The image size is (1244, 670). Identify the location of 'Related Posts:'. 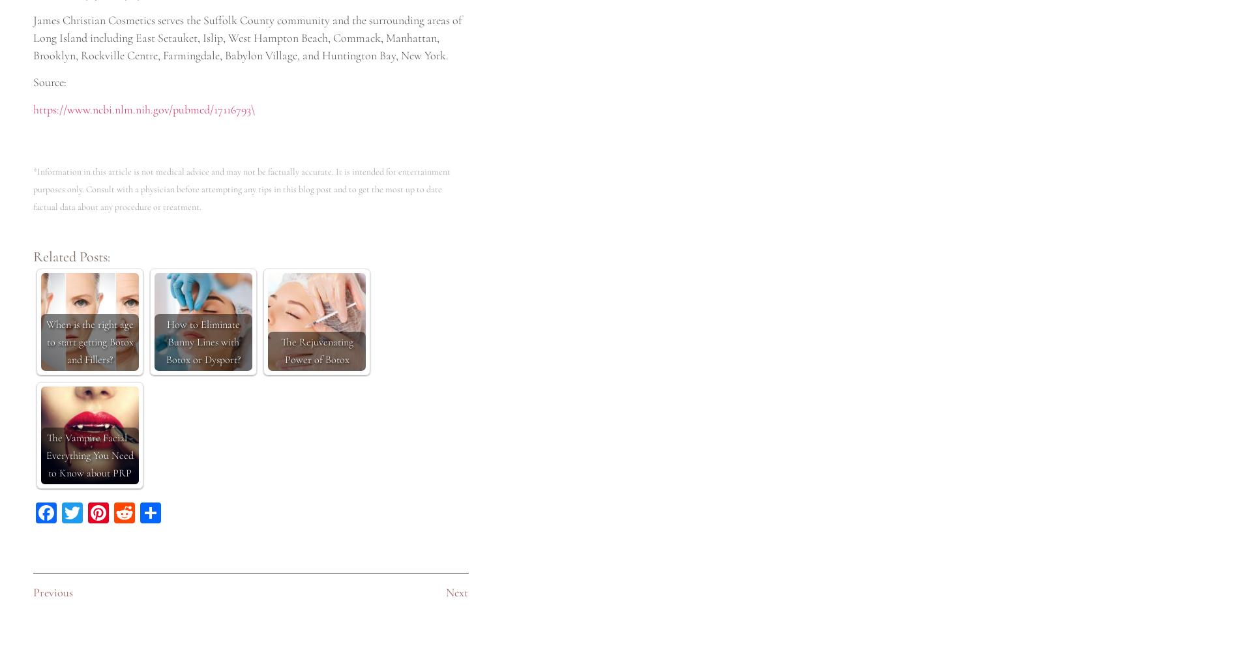
(32, 257).